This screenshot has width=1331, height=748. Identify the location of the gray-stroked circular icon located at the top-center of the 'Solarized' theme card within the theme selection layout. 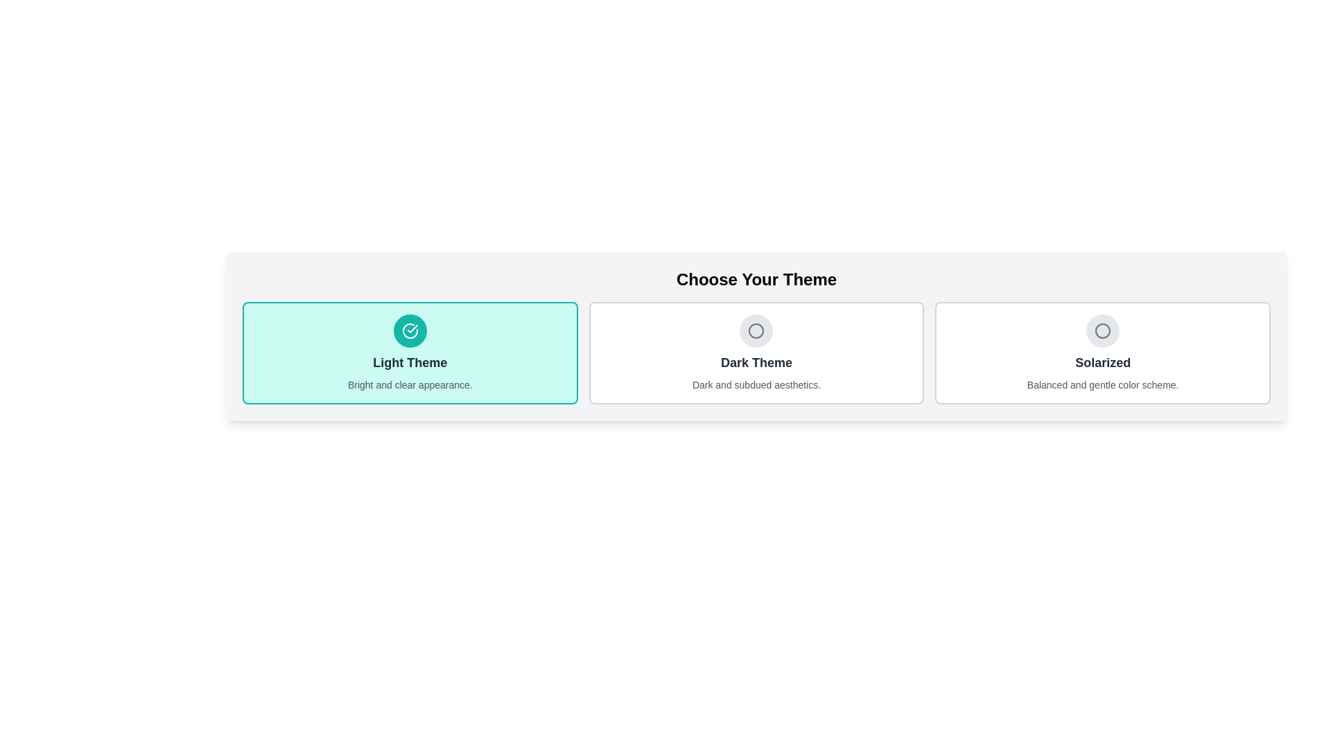
(1102, 331).